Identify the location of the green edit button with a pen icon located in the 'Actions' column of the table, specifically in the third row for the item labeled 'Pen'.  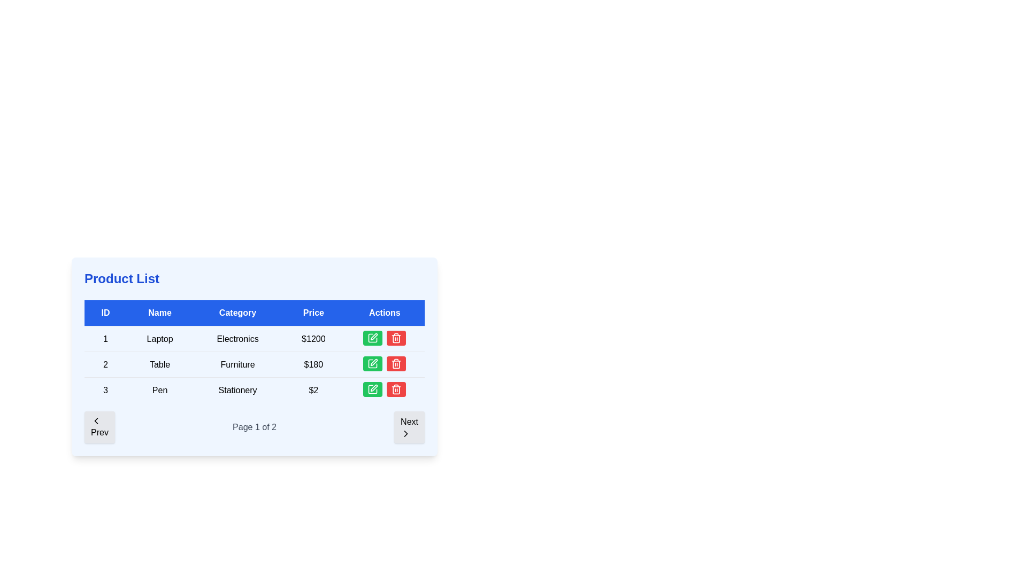
(373, 389).